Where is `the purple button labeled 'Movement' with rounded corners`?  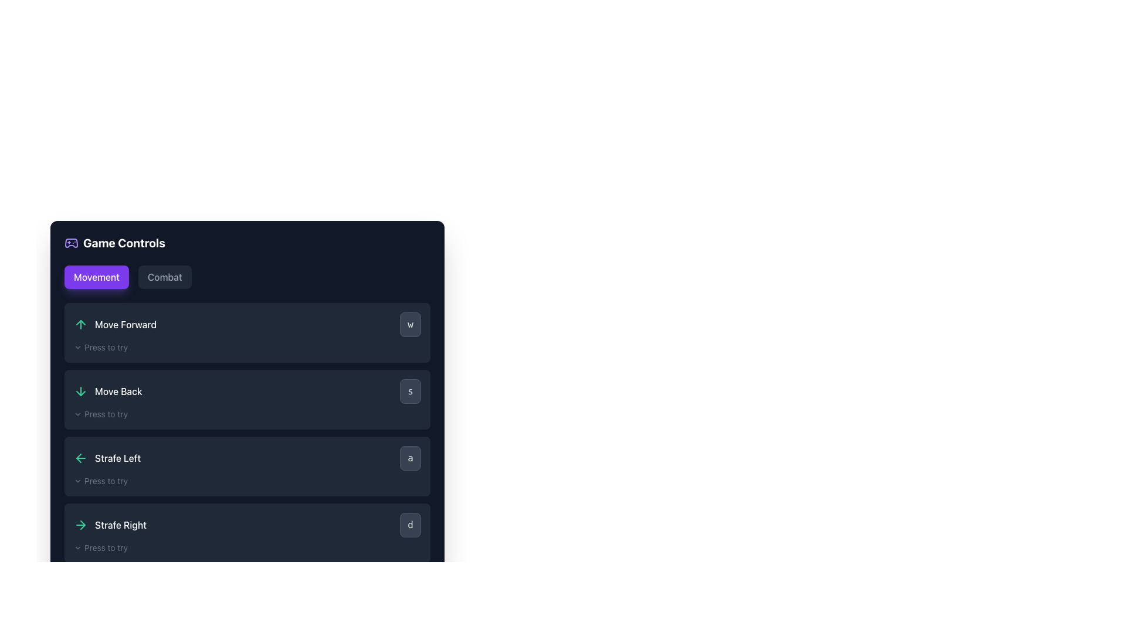
the purple button labeled 'Movement' with rounded corners is located at coordinates (96, 277).